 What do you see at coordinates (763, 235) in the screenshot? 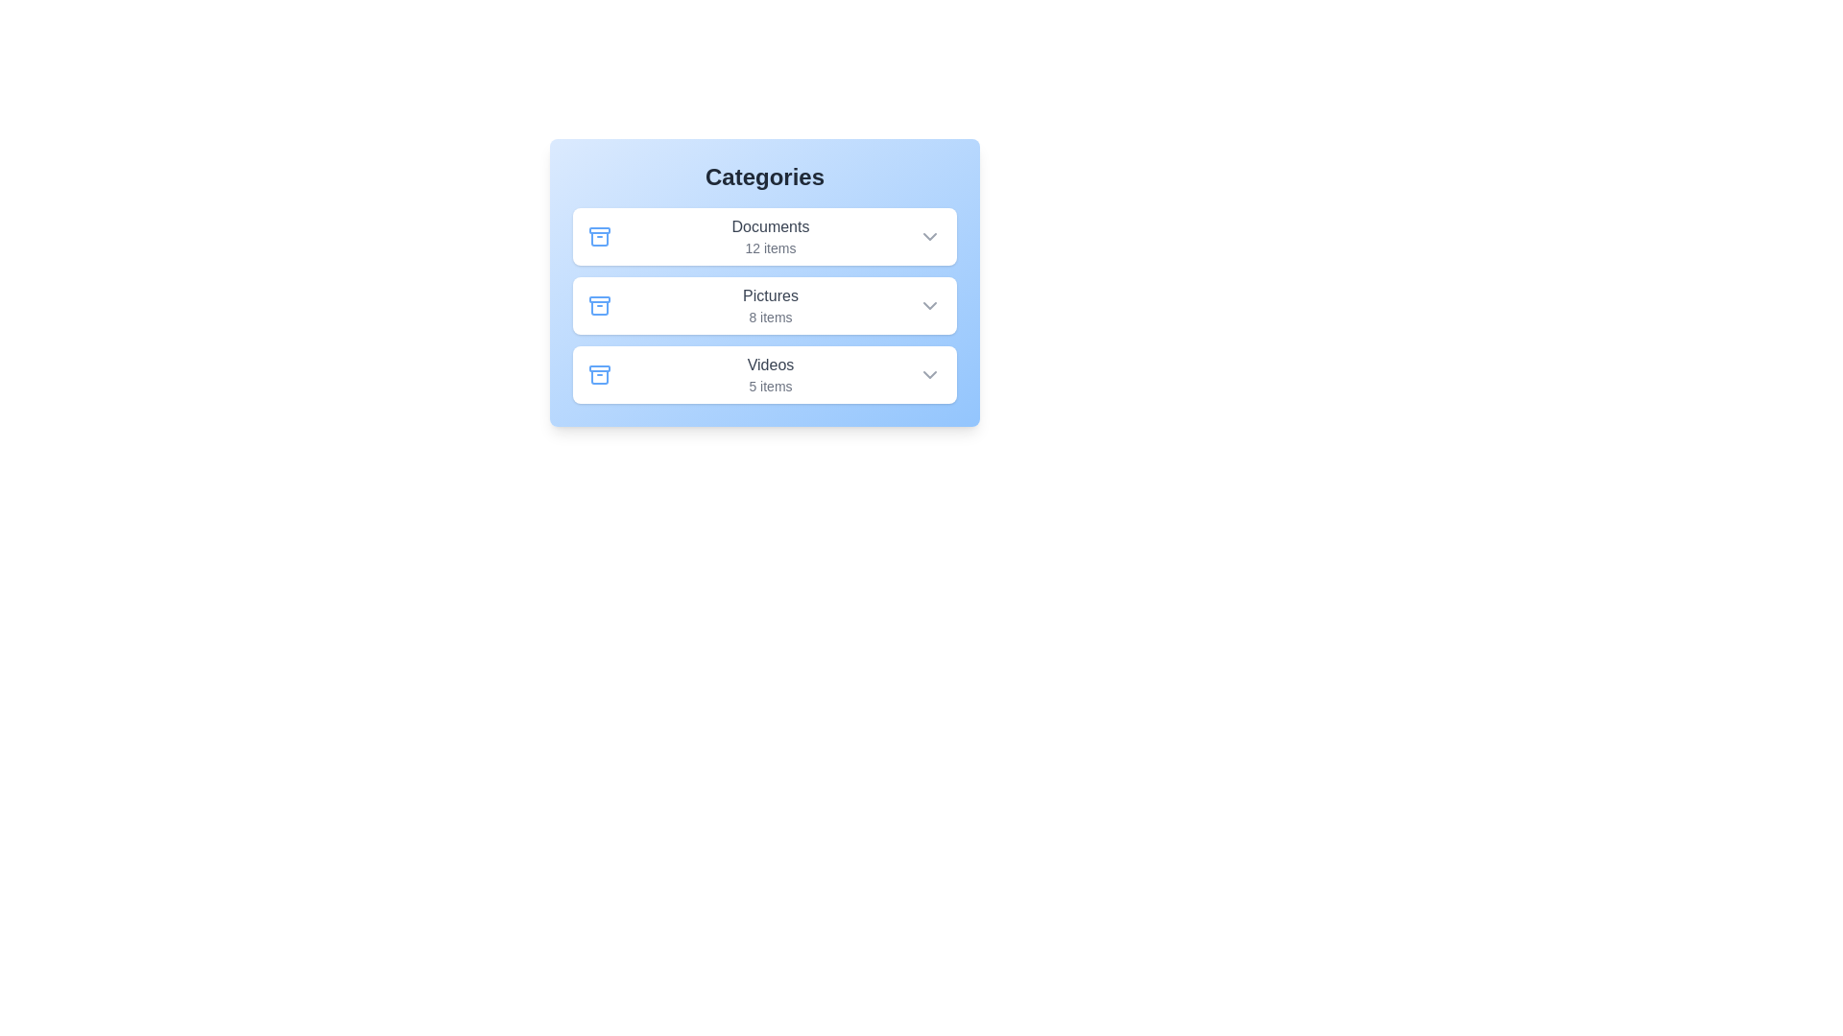
I see `the category item Documents to highlight it` at bounding box center [763, 235].